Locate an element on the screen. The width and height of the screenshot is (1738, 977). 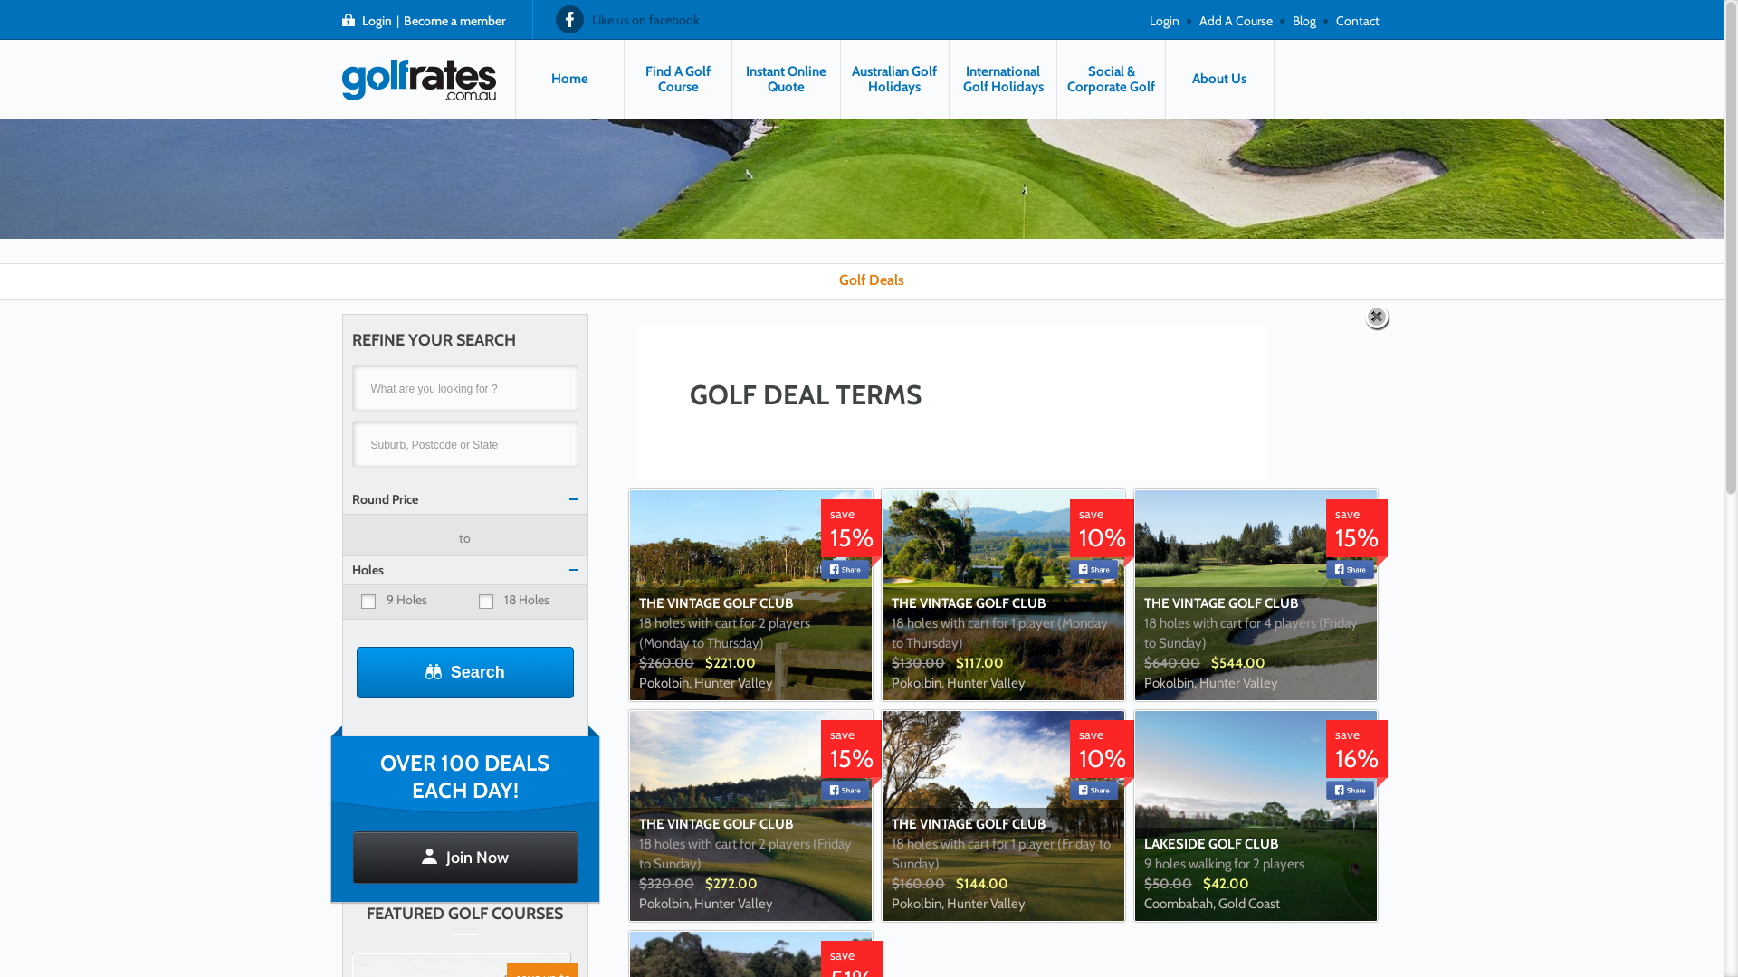
'Instant Online Quote' is located at coordinates (786, 78).